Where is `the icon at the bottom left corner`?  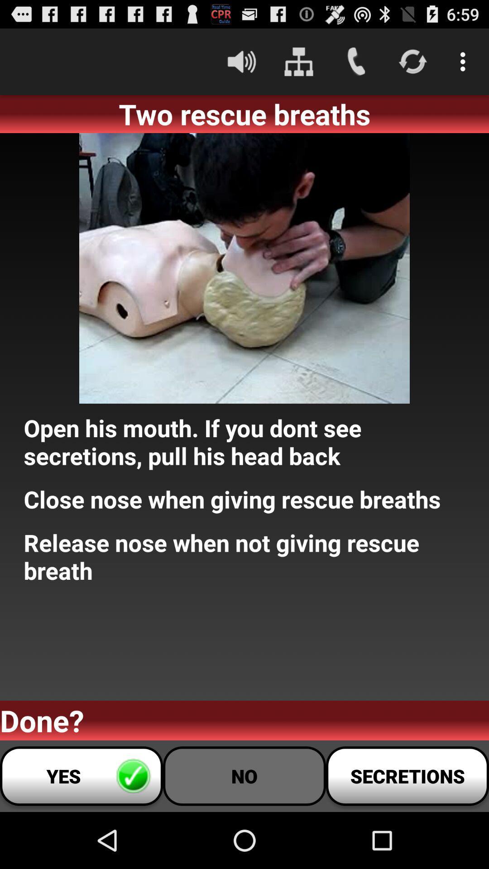 the icon at the bottom left corner is located at coordinates (81, 775).